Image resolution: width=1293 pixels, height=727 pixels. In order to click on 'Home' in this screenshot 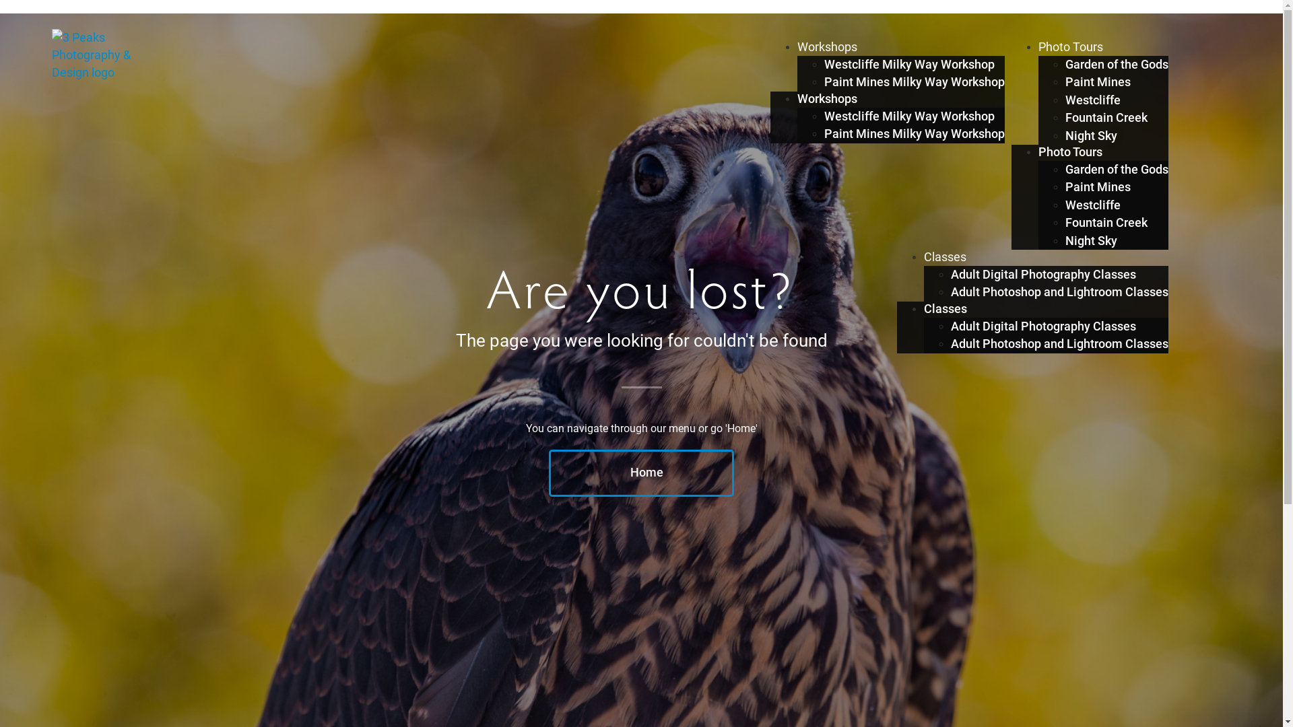, I will do `click(640, 472)`.